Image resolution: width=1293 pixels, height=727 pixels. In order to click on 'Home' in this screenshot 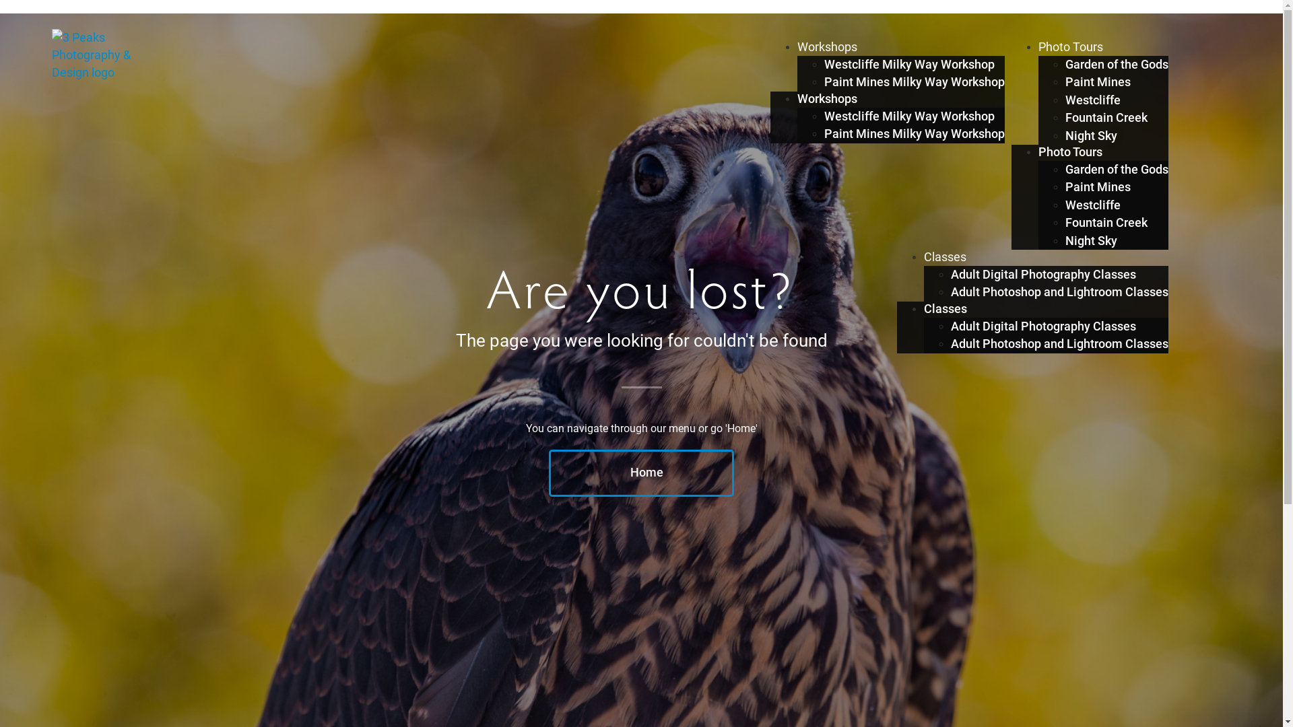, I will do `click(640, 472)`.